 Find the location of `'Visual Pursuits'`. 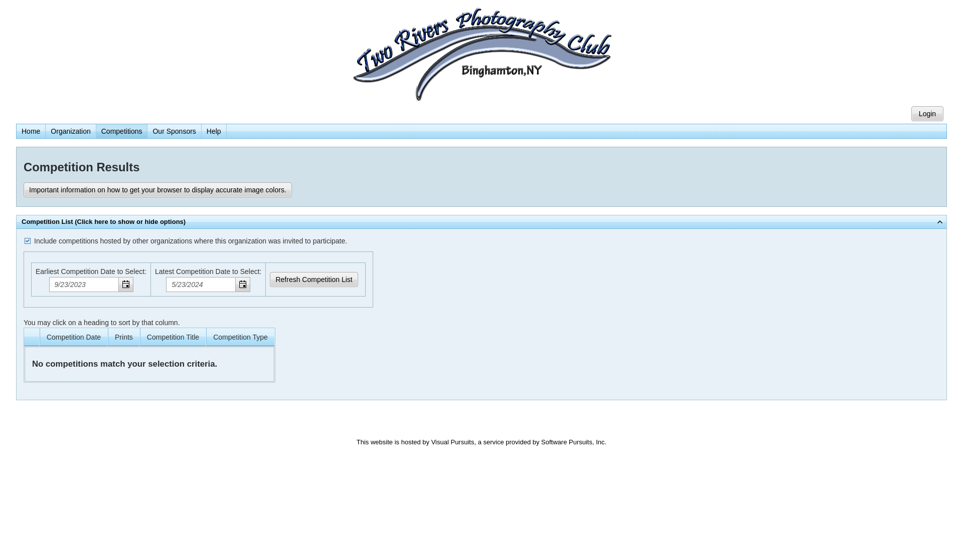

'Visual Pursuits' is located at coordinates (452, 441).